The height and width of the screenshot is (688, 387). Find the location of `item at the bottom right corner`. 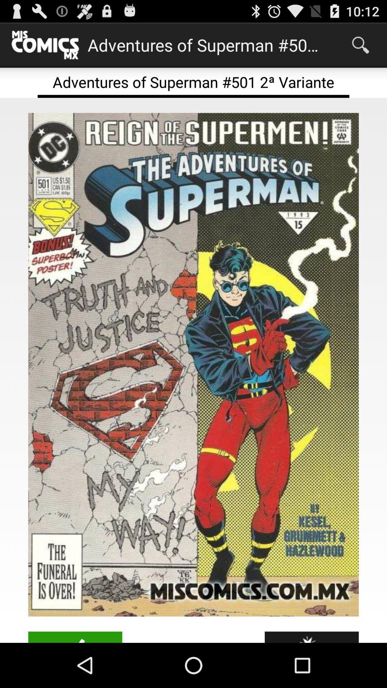

item at the bottom right corner is located at coordinates (311, 637).